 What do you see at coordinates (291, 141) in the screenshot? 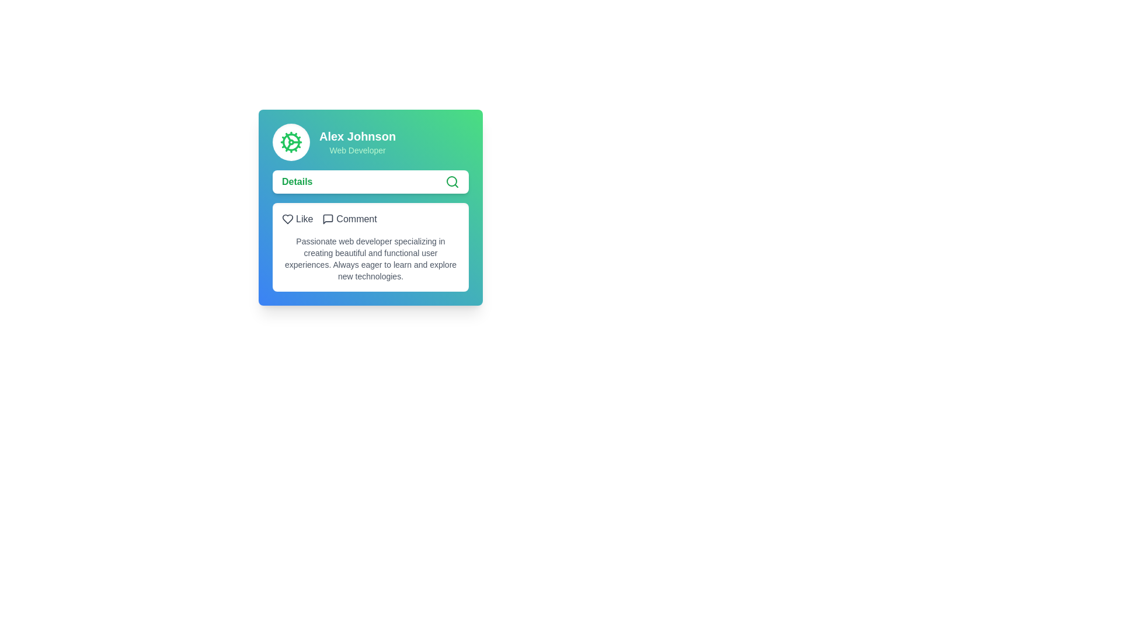
I see `the outer circular part of the cog icon located in the top-left corner of the profile card` at bounding box center [291, 141].